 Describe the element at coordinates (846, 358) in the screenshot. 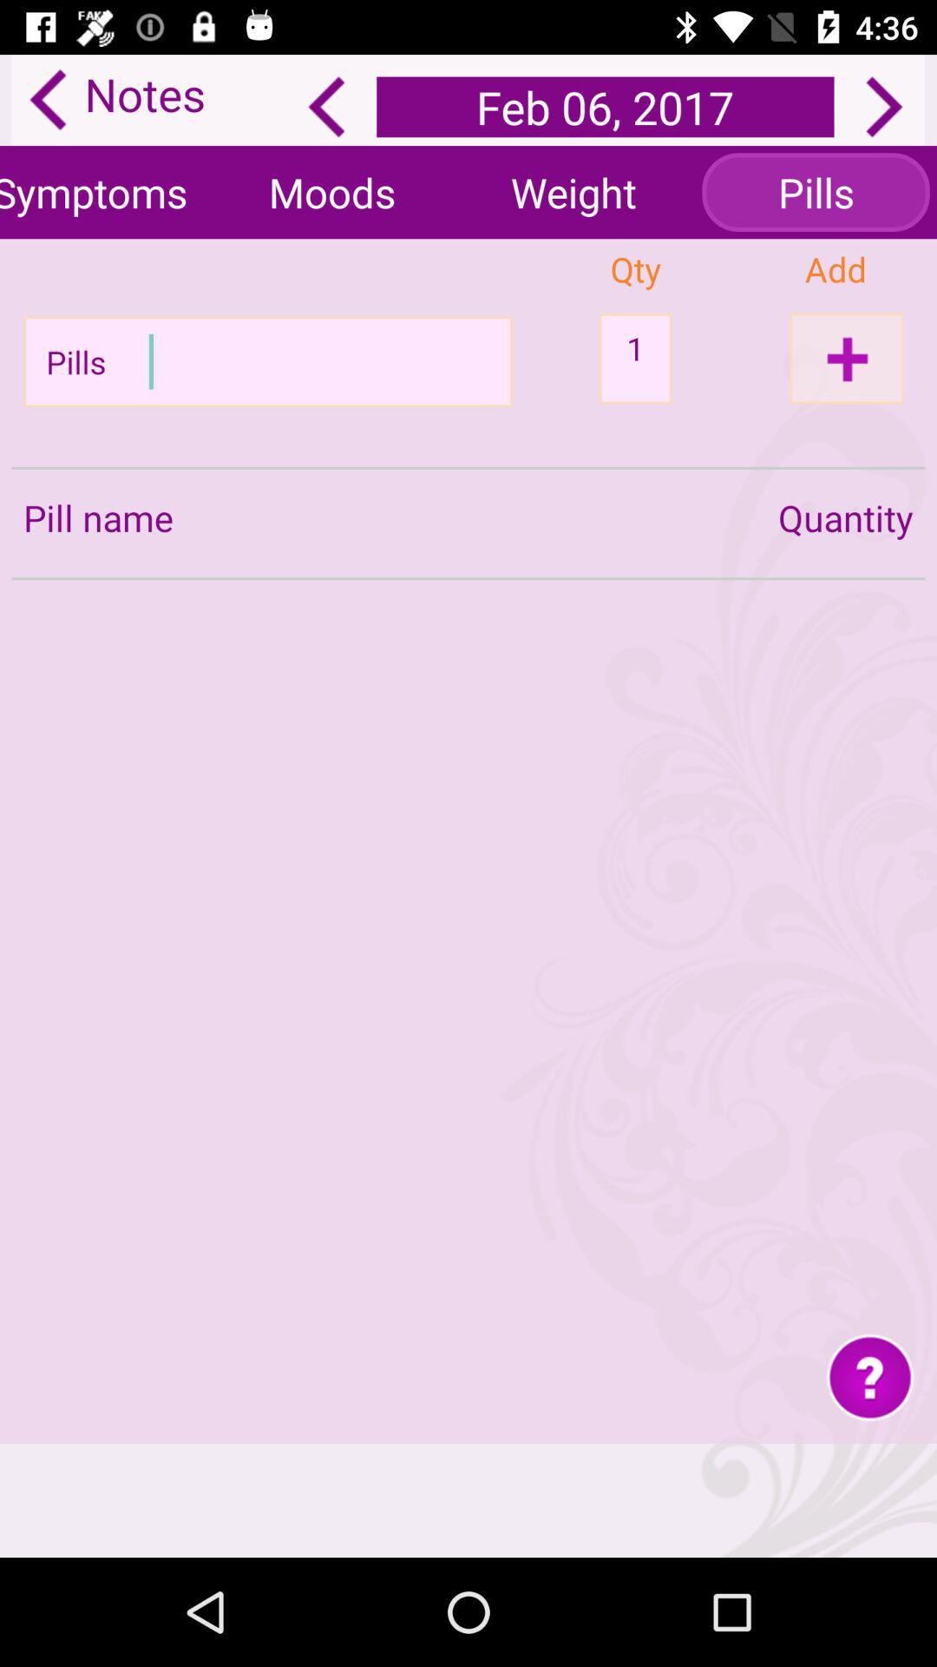

I see `add option` at that location.